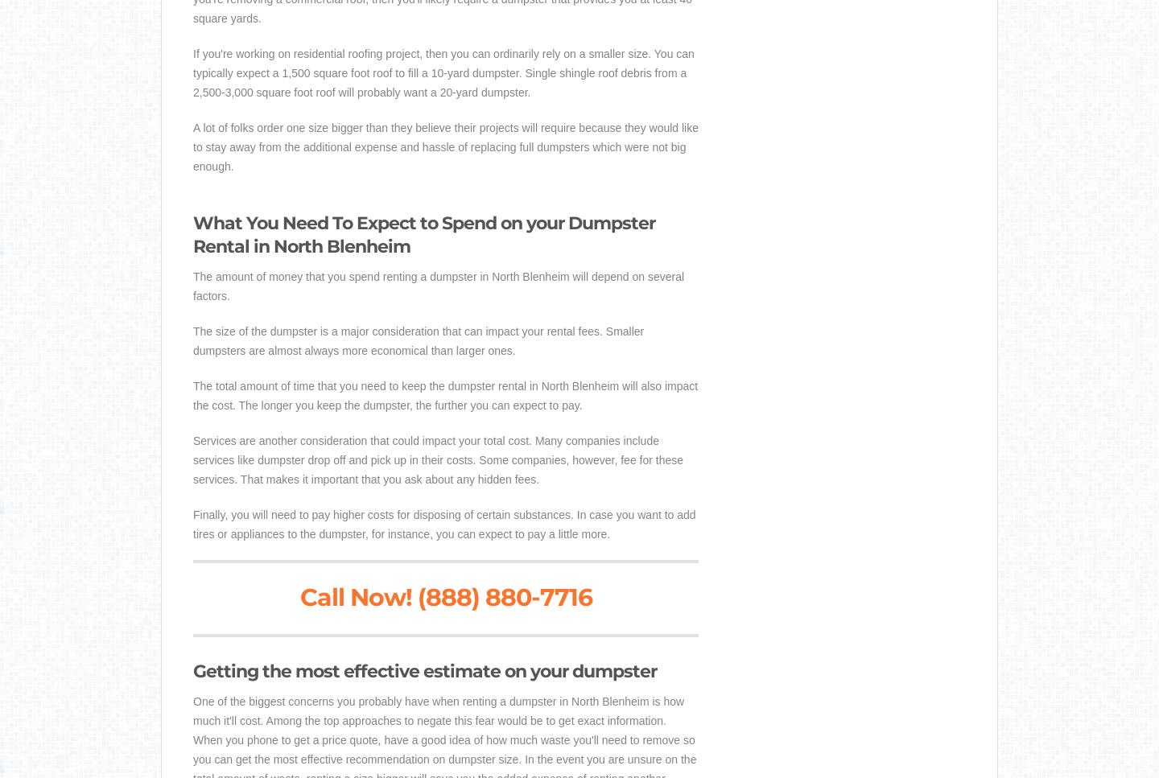 This screenshot has height=778, width=1159. I want to click on 'Services are another consideration that could impact your total cost. Many companies include services like dumpster drop off and pick up in their costs. Some companies, however, fee for these services. That makes it important that you ask about any hidden fees.', so click(438, 459).